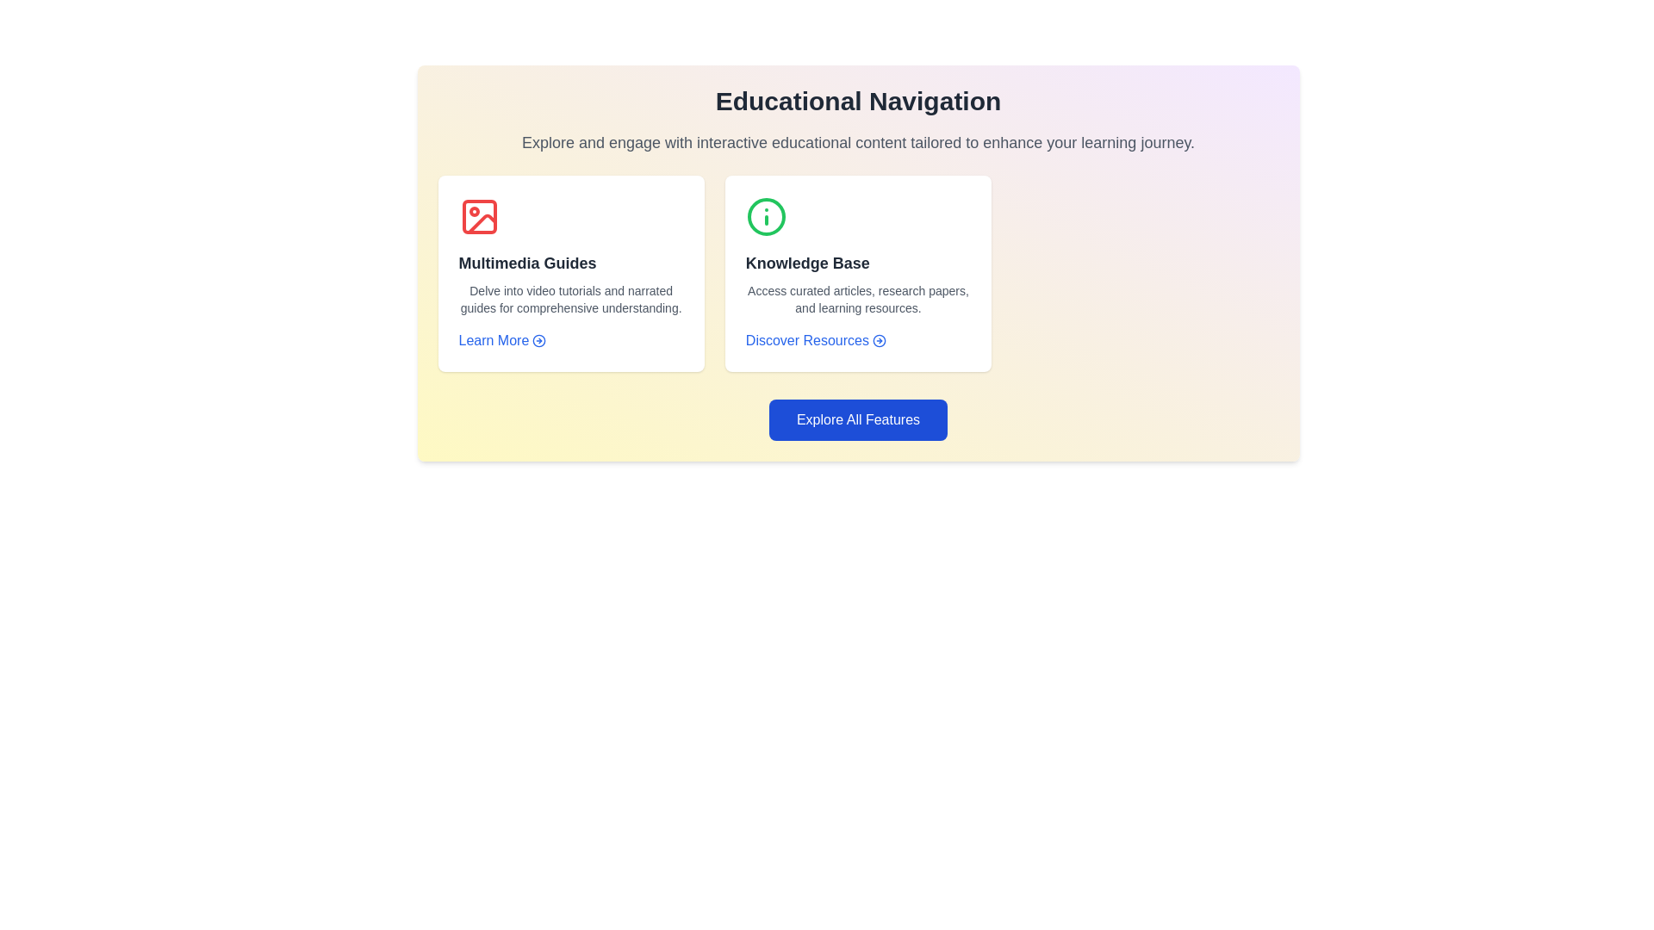  I want to click on the descriptive text located in the white card structure below the 'Knowledge Base' heading and above the 'Discover Resources' link, so click(858, 298).